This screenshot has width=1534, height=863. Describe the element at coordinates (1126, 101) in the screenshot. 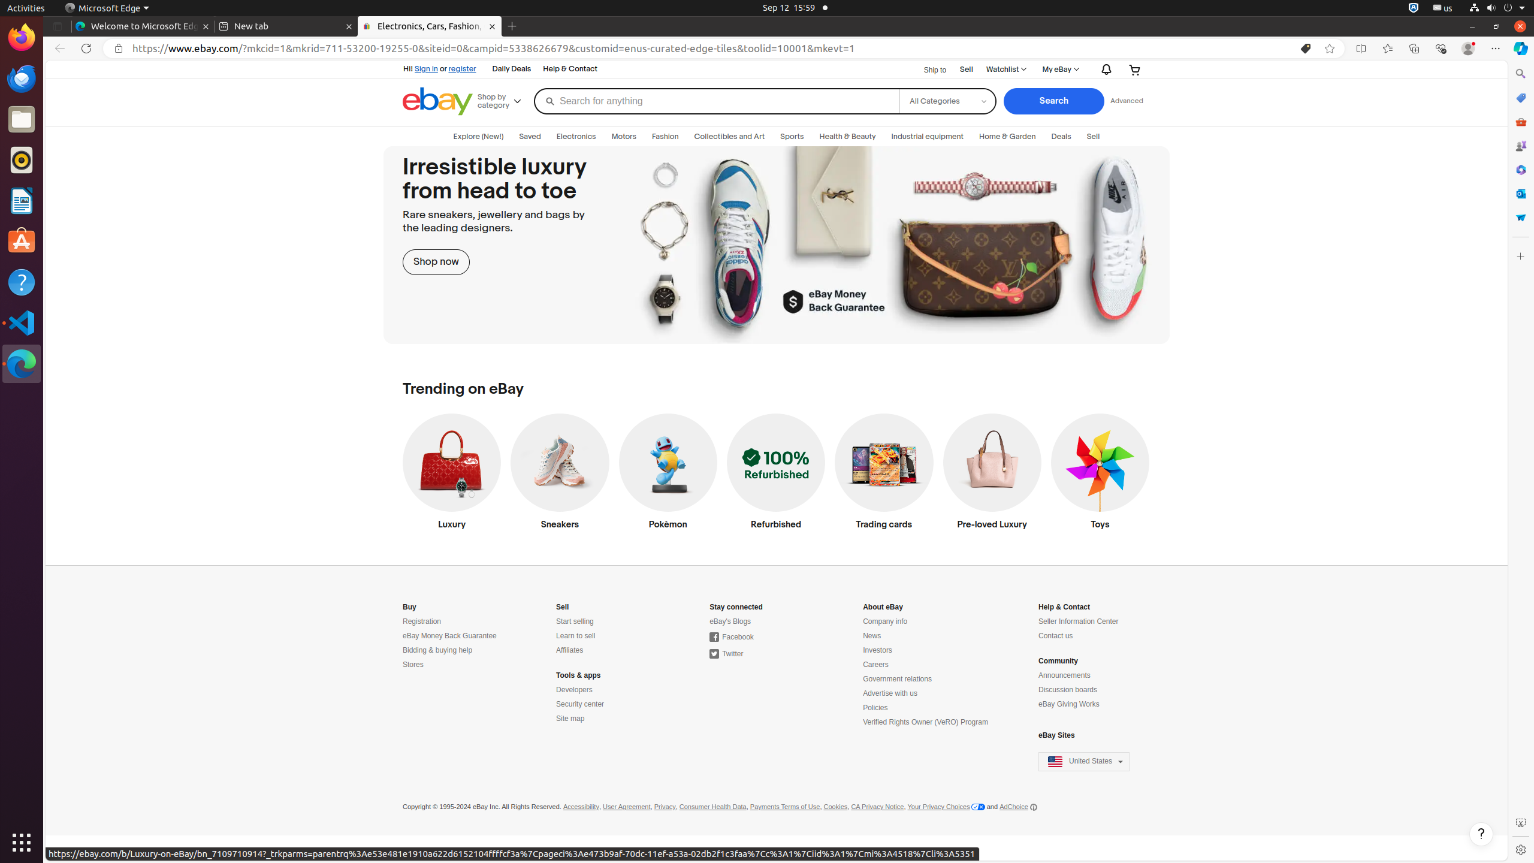

I see `'Advanced Search'` at that location.